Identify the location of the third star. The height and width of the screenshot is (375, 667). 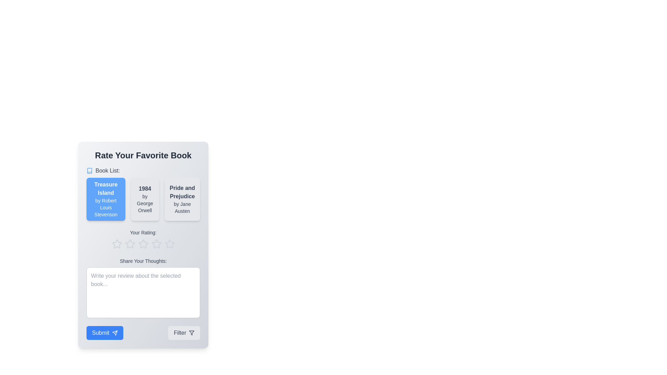
(143, 243).